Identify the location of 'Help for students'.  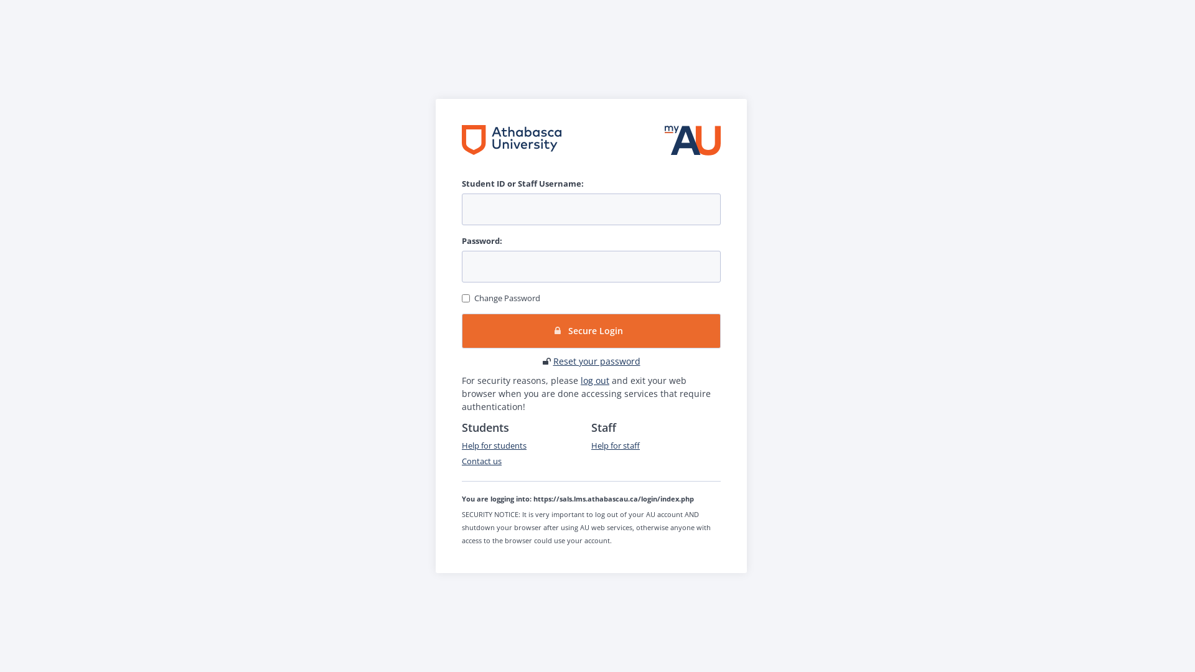
(493, 445).